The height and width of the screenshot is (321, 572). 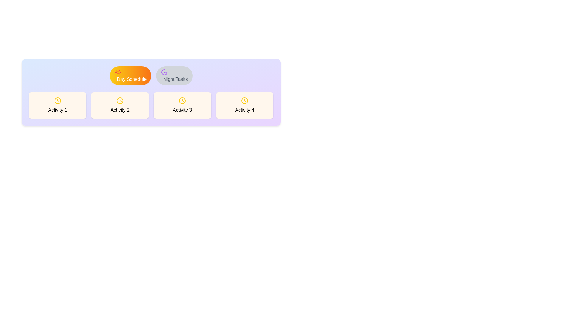 I want to click on the text Activity 1 within the content, so click(x=57, y=105).